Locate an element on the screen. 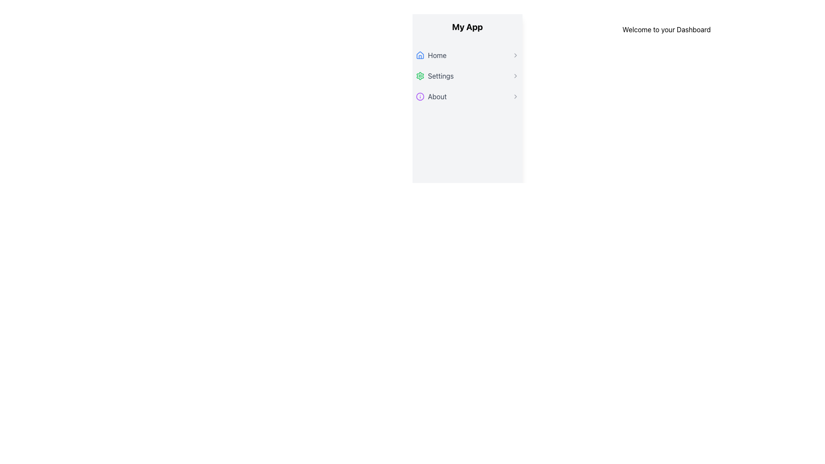 This screenshot has width=825, height=464. the 'Home' text label in the vertical navigation menu next to the blue house icon is located at coordinates (437, 55).